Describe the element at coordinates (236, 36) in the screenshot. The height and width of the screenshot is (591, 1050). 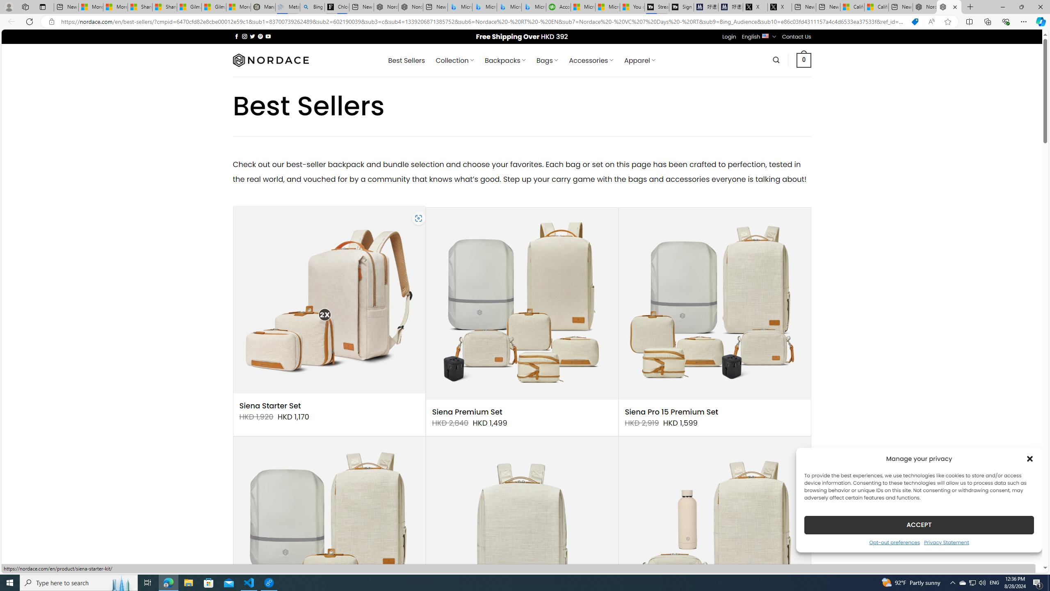
I see `'Follow on Facebook'` at that location.